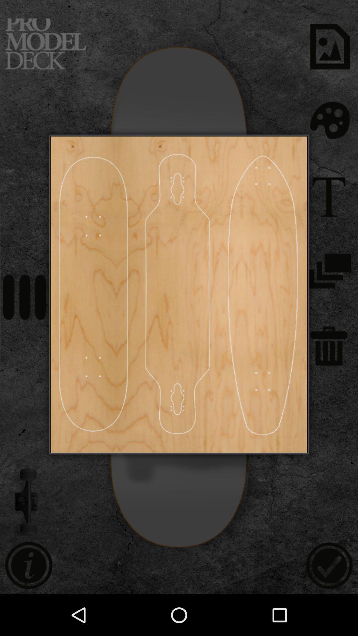  What do you see at coordinates (177, 294) in the screenshot?
I see `choose a model` at bounding box center [177, 294].